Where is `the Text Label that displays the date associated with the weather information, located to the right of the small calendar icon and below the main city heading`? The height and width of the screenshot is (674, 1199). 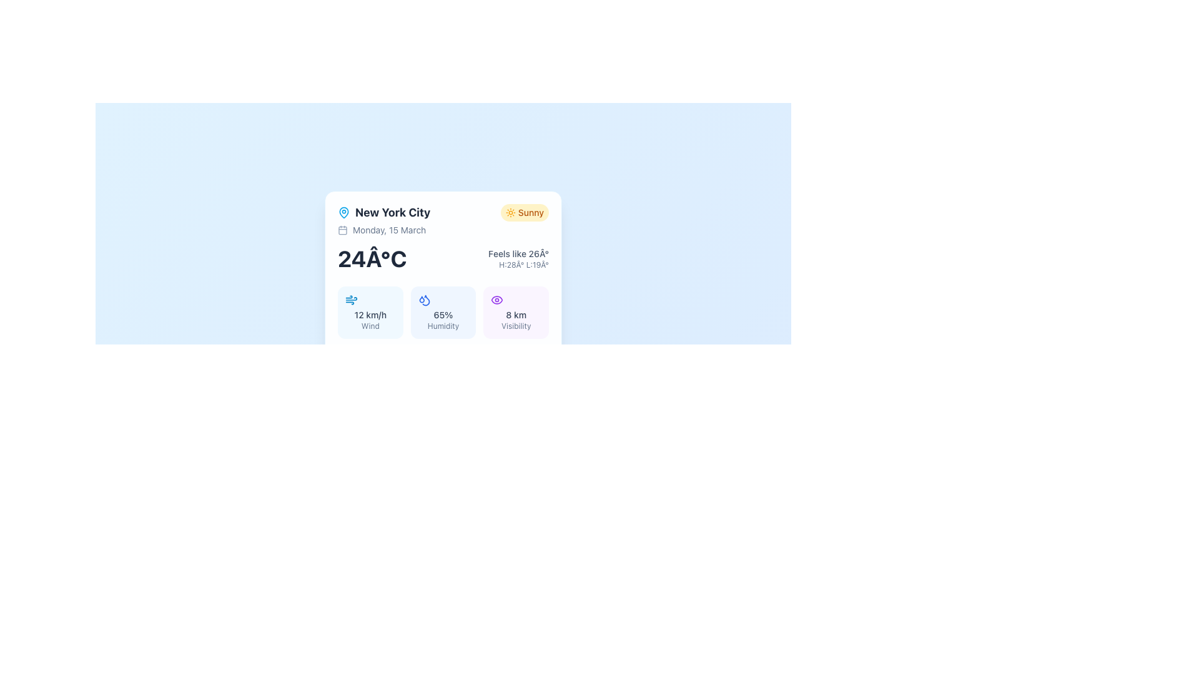
the Text Label that displays the date associated with the weather information, located to the right of the small calendar icon and below the main city heading is located at coordinates (388, 230).